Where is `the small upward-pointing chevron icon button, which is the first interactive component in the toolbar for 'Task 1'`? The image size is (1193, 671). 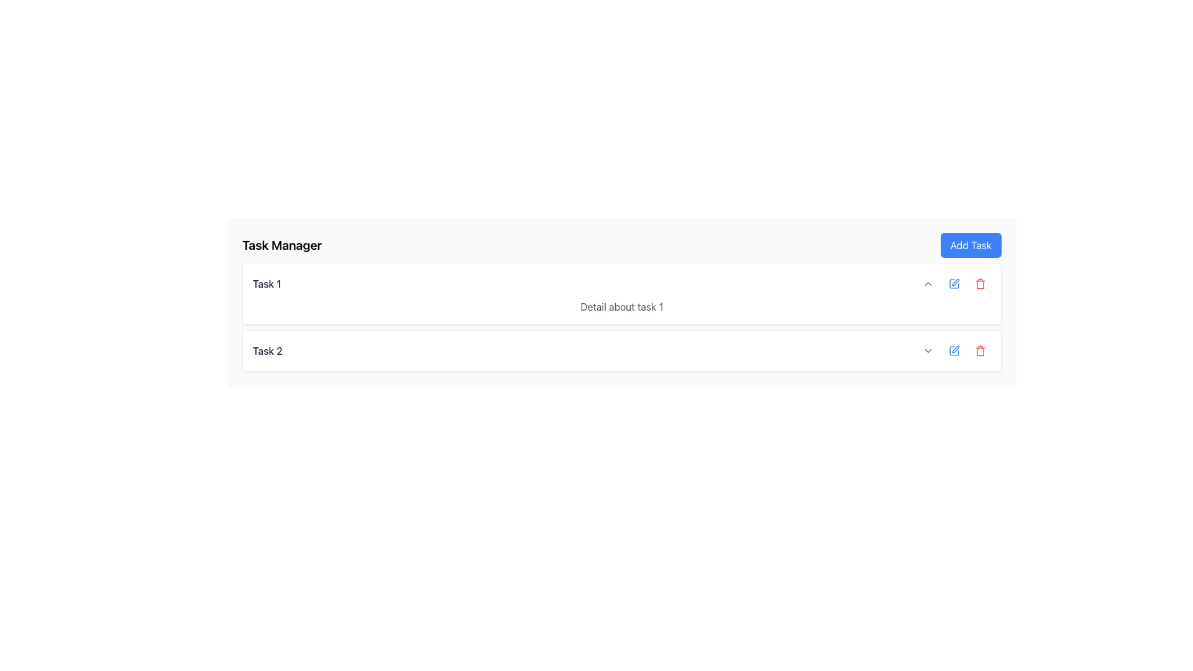 the small upward-pointing chevron icon button, which is the first interactive component in the toolbar for 'Task 1' is located at coordinates (928, 283).